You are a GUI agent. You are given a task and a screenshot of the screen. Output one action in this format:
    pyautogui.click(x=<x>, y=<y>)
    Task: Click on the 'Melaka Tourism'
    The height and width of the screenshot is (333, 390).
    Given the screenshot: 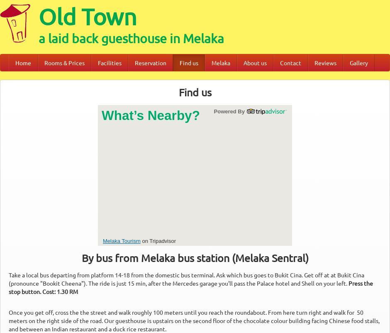 What is the action you would take?
    pyautogui.click(x=121, y=241)
    